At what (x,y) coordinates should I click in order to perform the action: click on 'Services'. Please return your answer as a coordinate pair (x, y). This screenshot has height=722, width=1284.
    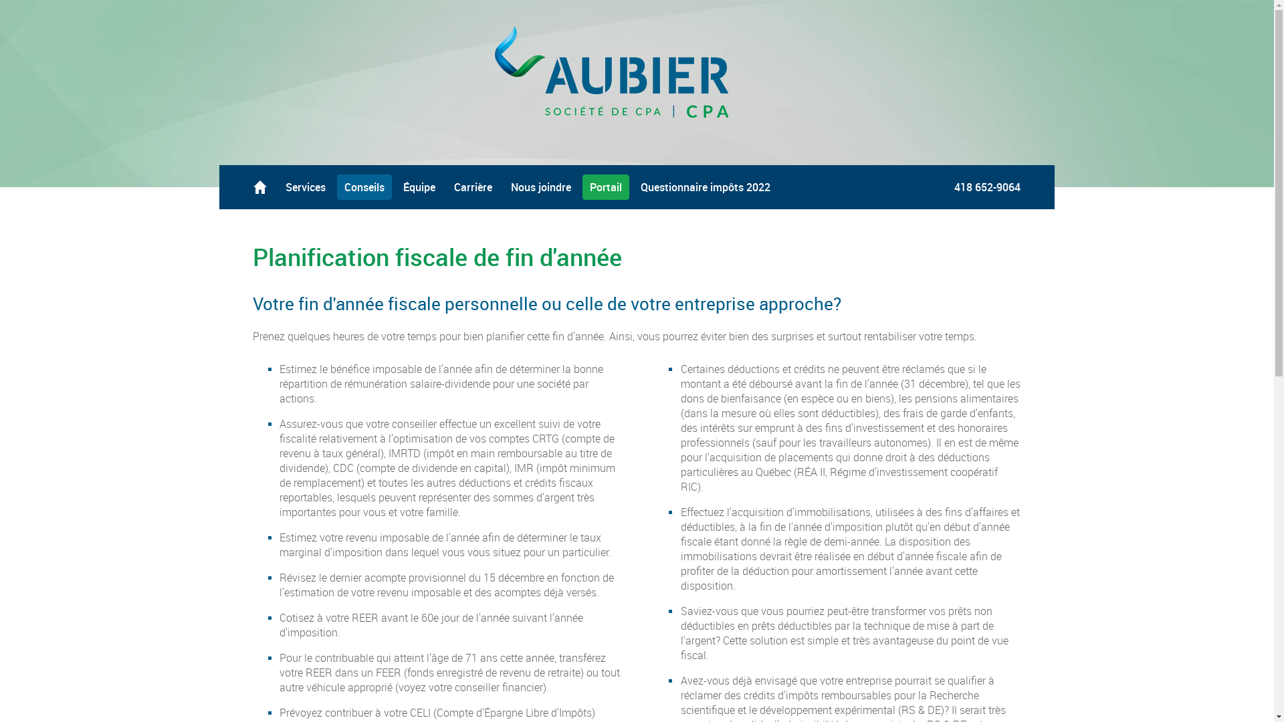
    Looking at the image, I should click on (304, 187).